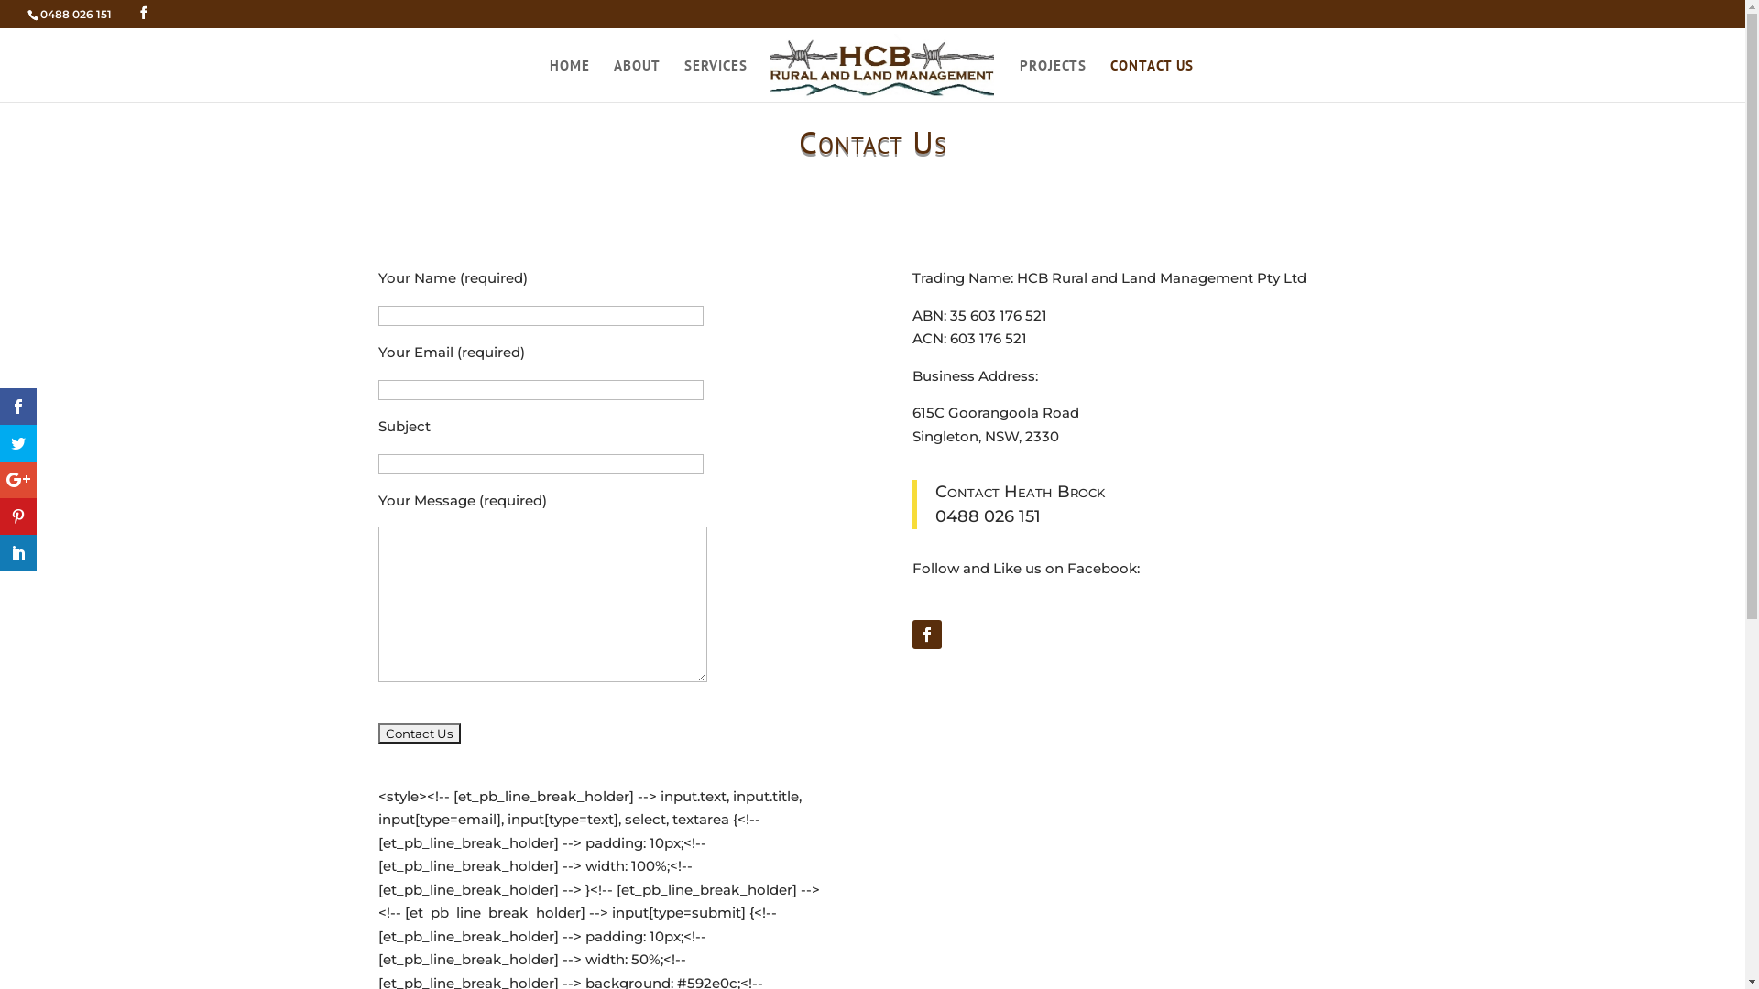 The width and height of the screenshot is (1759, 989). Describe the element at coordinates (1151, 70) in the screenshot. I see `'CONTACT US'` at that location.